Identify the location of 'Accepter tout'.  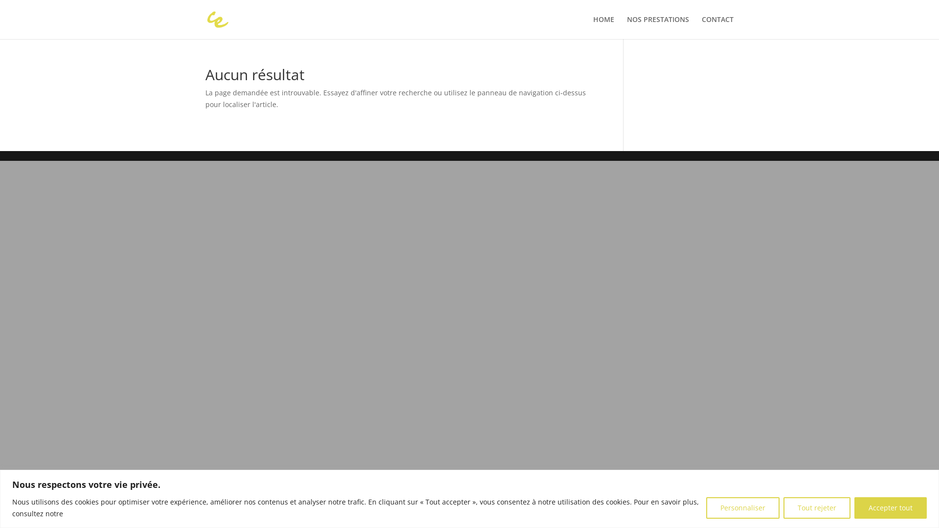
(854, 506).